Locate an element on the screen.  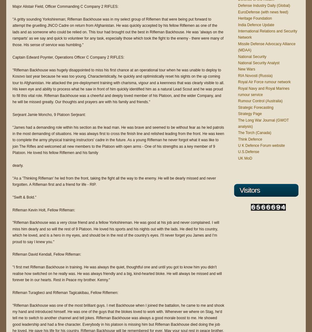
'Serjeant Jamie Moncho, 9 Platoon Serjeant:' is located at coordinates (49, 114).